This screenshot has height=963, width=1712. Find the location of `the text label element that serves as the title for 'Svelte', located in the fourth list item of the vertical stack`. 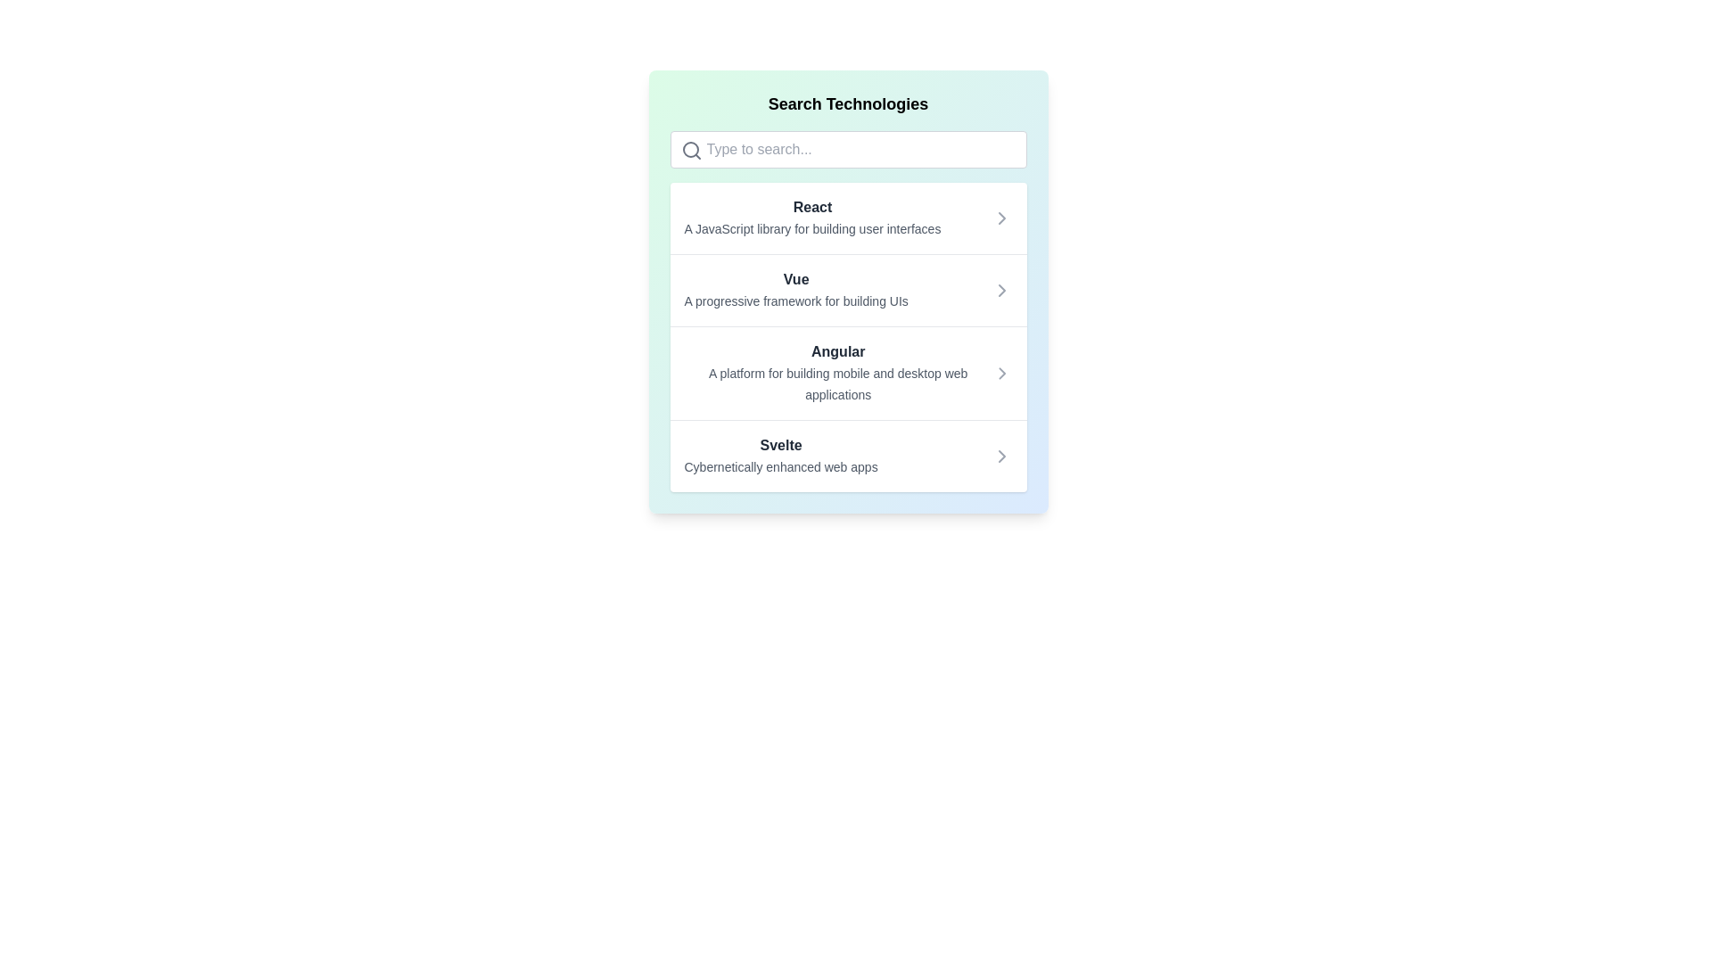

the text label element that serves as the title for 'Svelte', located in the fourth list item of the vertical stack is located at coordinates (781, 445).